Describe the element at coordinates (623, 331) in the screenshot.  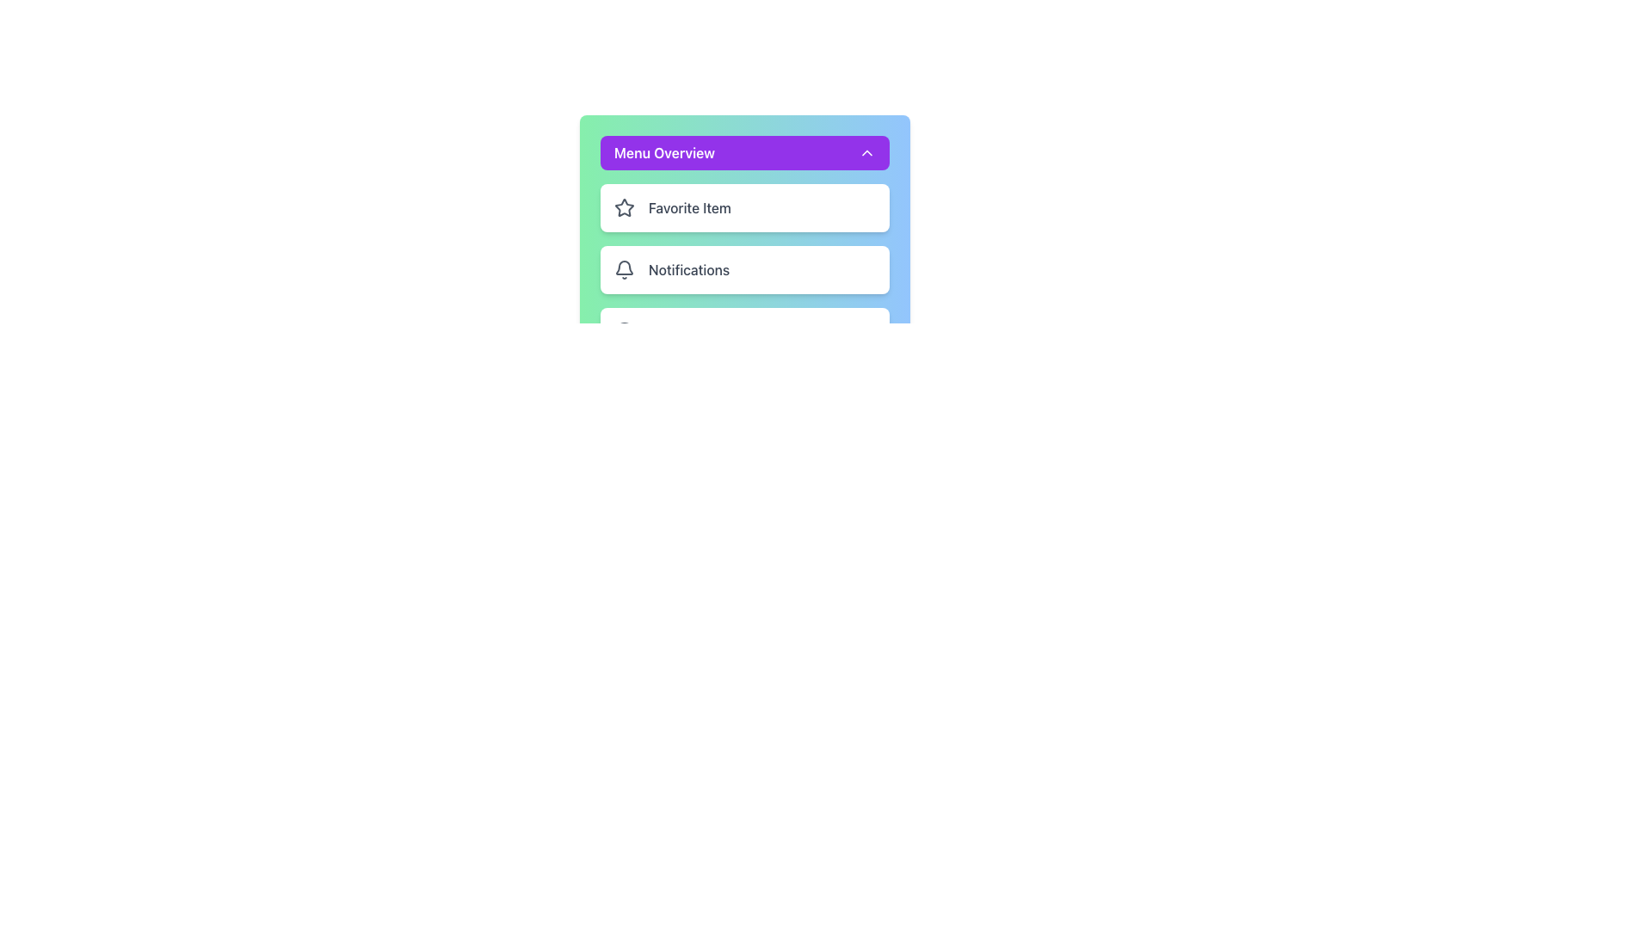
I see `the SVG circle element located beneath the 'Menu Overview' panel, which features a purple background and includes rows for 'Favorite Item' and 'Notifications'` at that location.